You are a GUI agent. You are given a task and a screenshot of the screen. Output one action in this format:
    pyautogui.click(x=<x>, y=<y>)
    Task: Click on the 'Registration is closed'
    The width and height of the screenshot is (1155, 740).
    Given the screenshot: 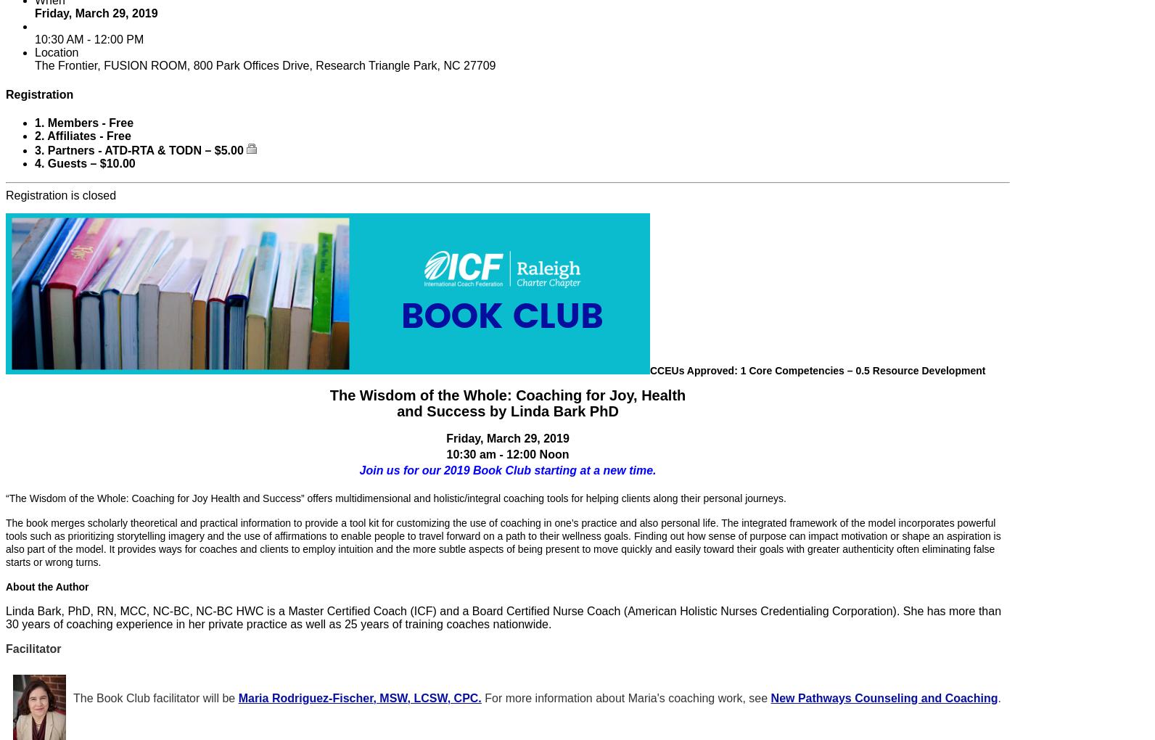 What is the action you would take?
    pyautogui.click(x=5, y=194)
    